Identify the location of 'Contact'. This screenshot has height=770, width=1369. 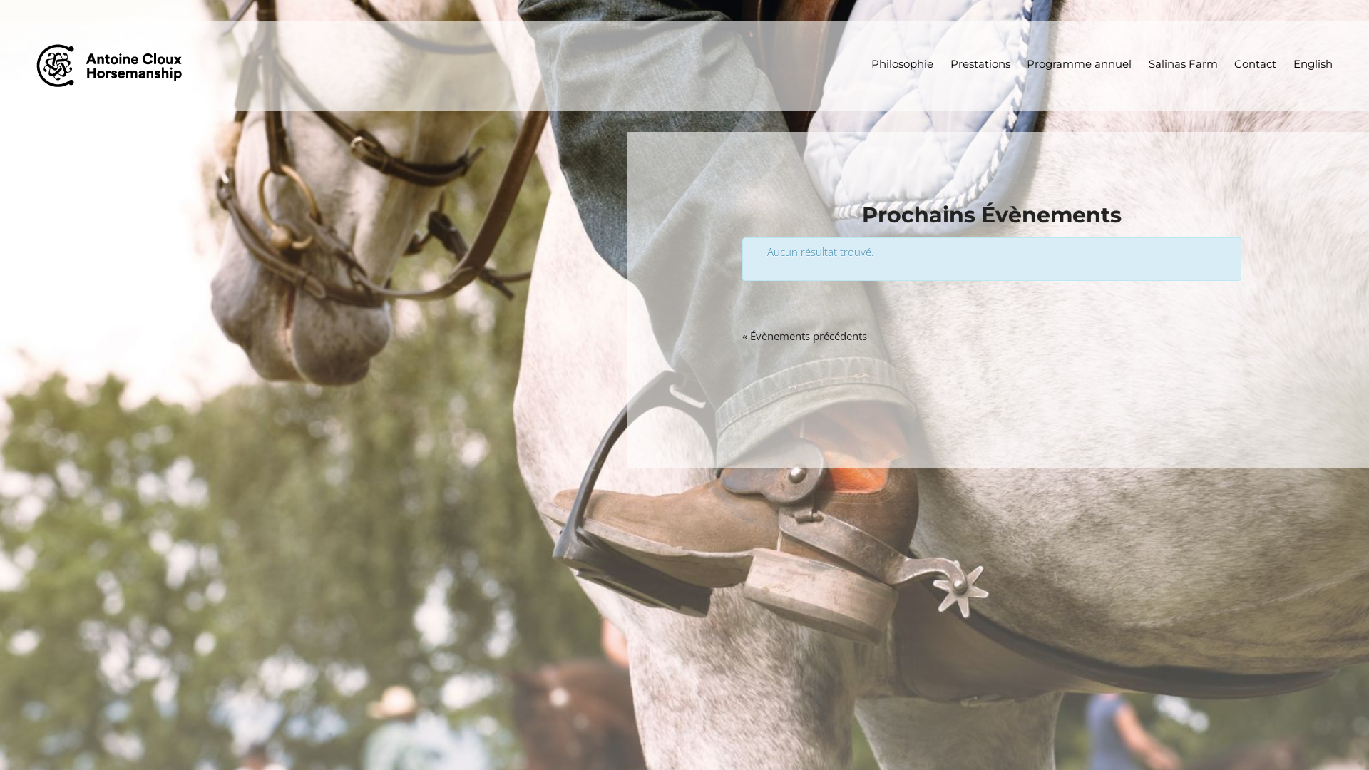
(1225, 64).